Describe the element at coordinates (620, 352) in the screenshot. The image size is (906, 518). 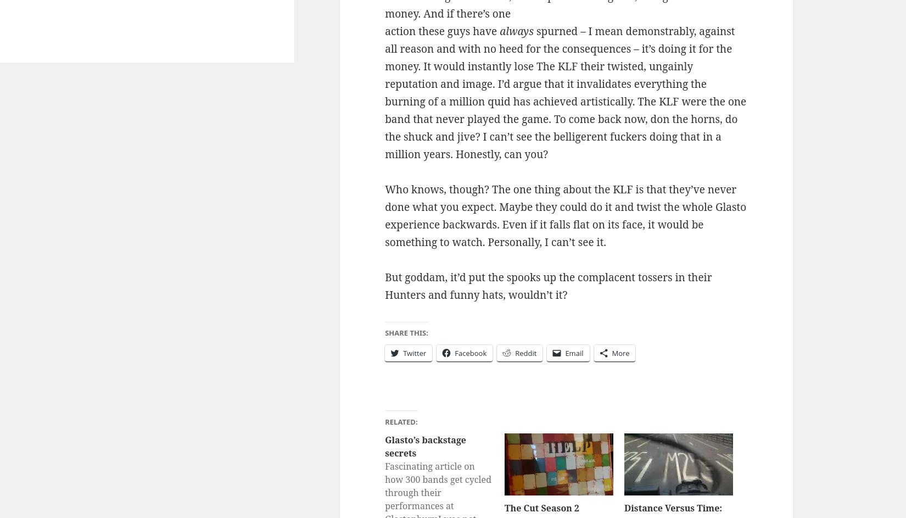
I see `'More'` at that location.